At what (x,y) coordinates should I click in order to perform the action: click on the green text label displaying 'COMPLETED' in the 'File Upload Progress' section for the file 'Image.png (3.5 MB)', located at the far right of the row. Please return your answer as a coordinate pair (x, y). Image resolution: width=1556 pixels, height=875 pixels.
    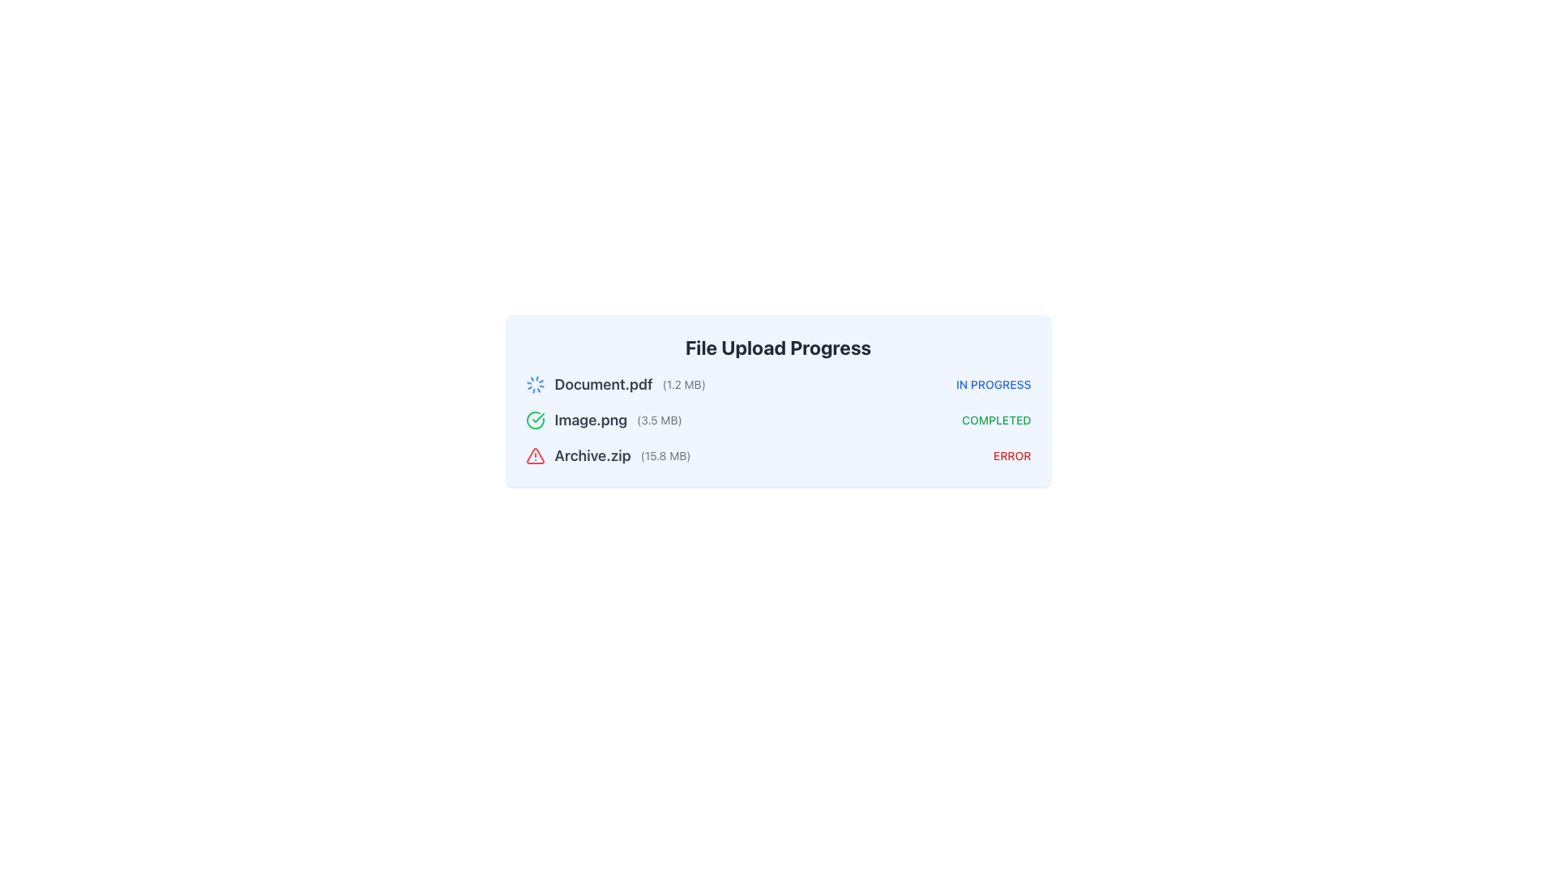
    Looking at the image, I should click on (995, 420).